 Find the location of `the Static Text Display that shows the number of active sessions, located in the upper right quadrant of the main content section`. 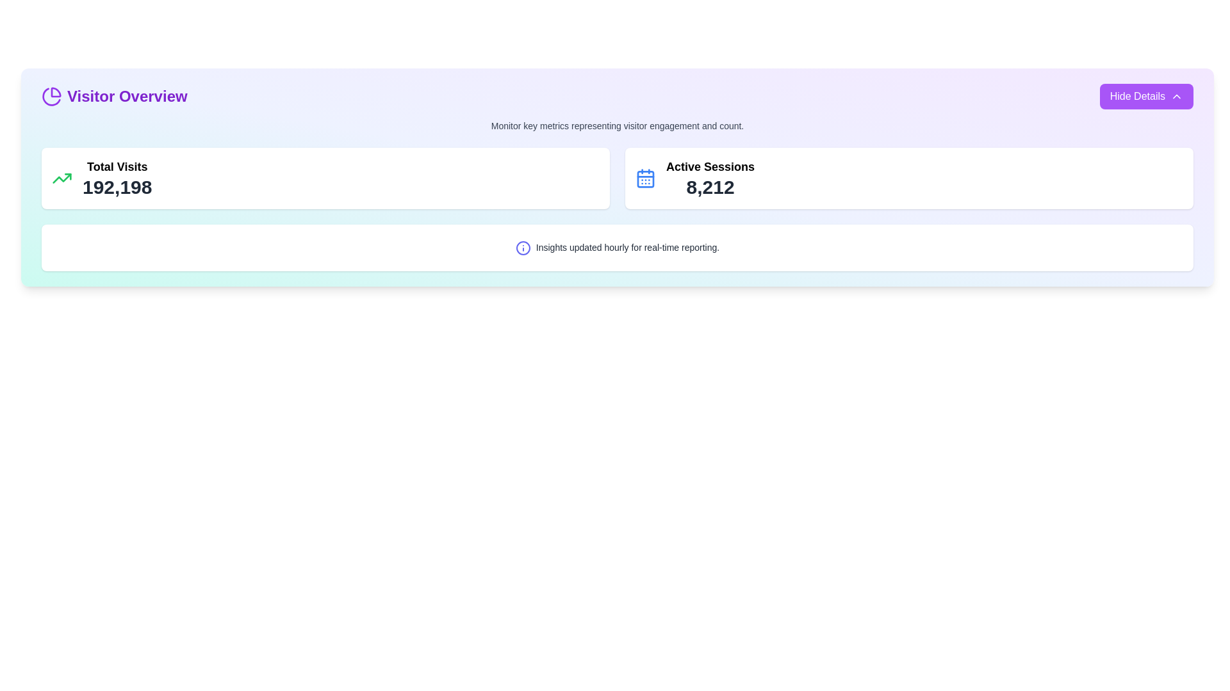

the Static Text Display that shows the number of active sessions, located in the upper right quadrant of the main content section is located at coordinates (709, 178).